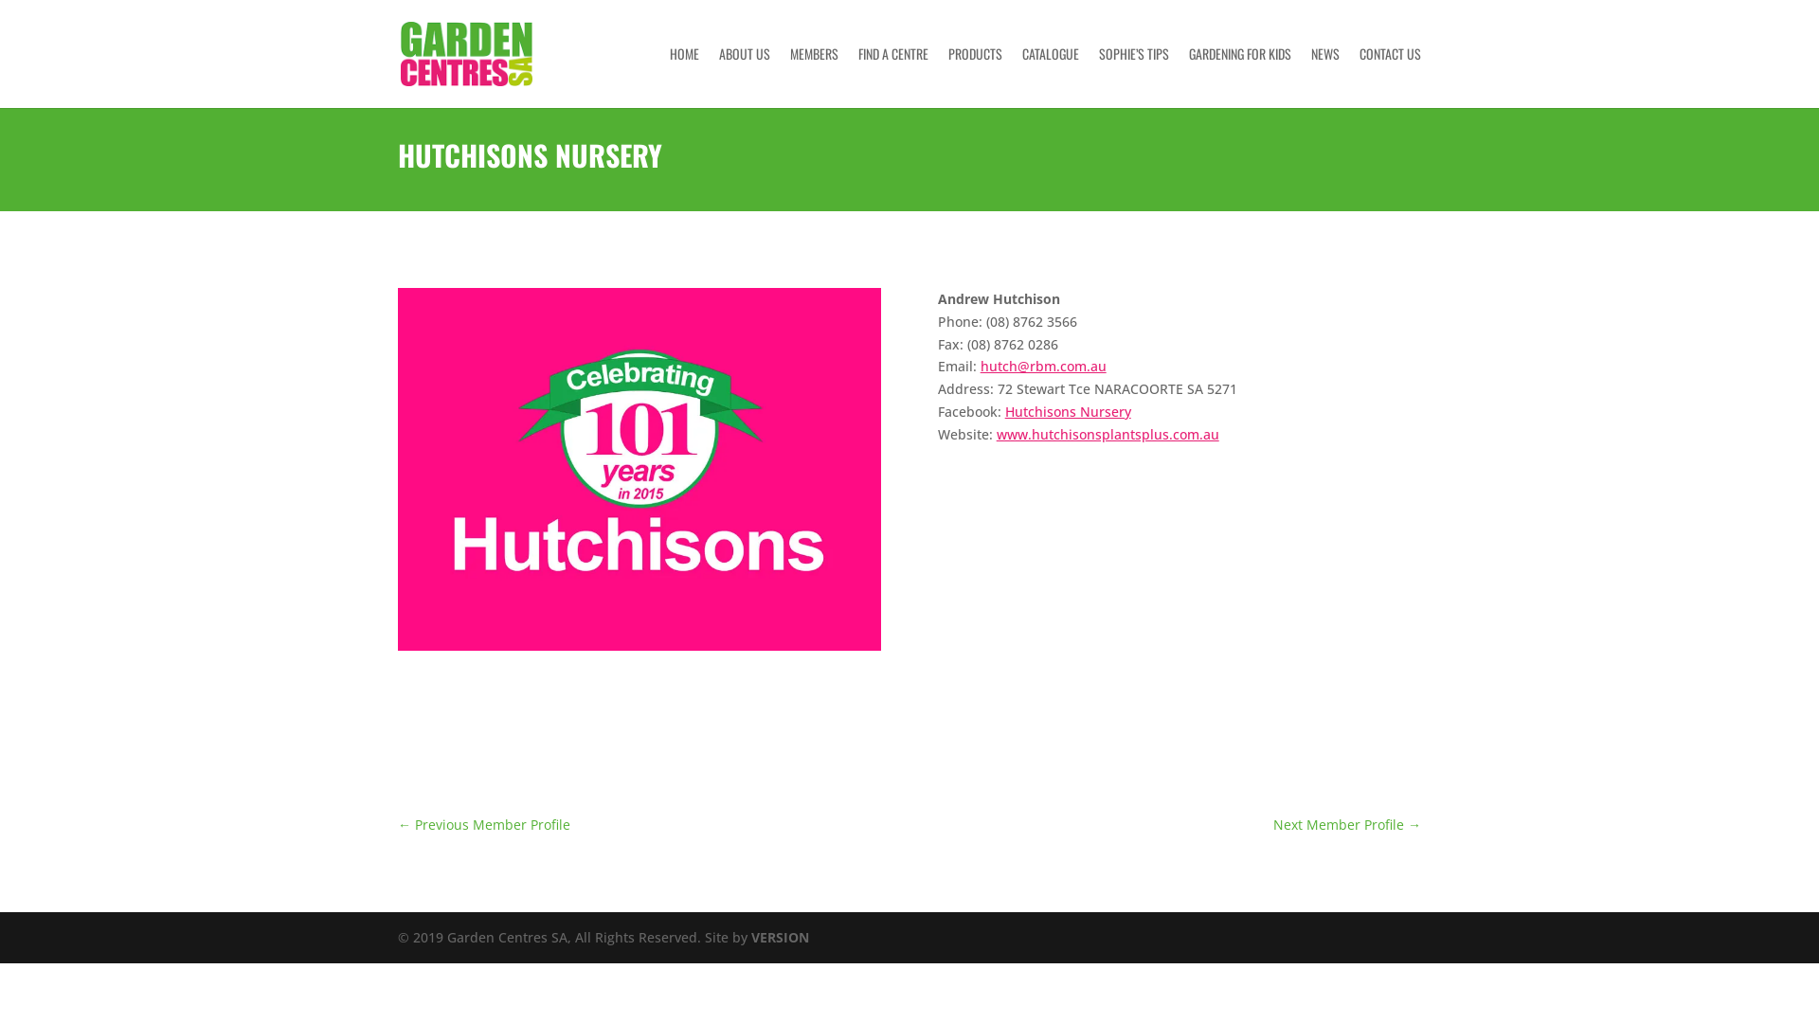 The image size is (1819, 1023). What do you see at coordinates (780, 936) in the screenshot?
I see `'VERSION'` at bounding box center [780, 936].